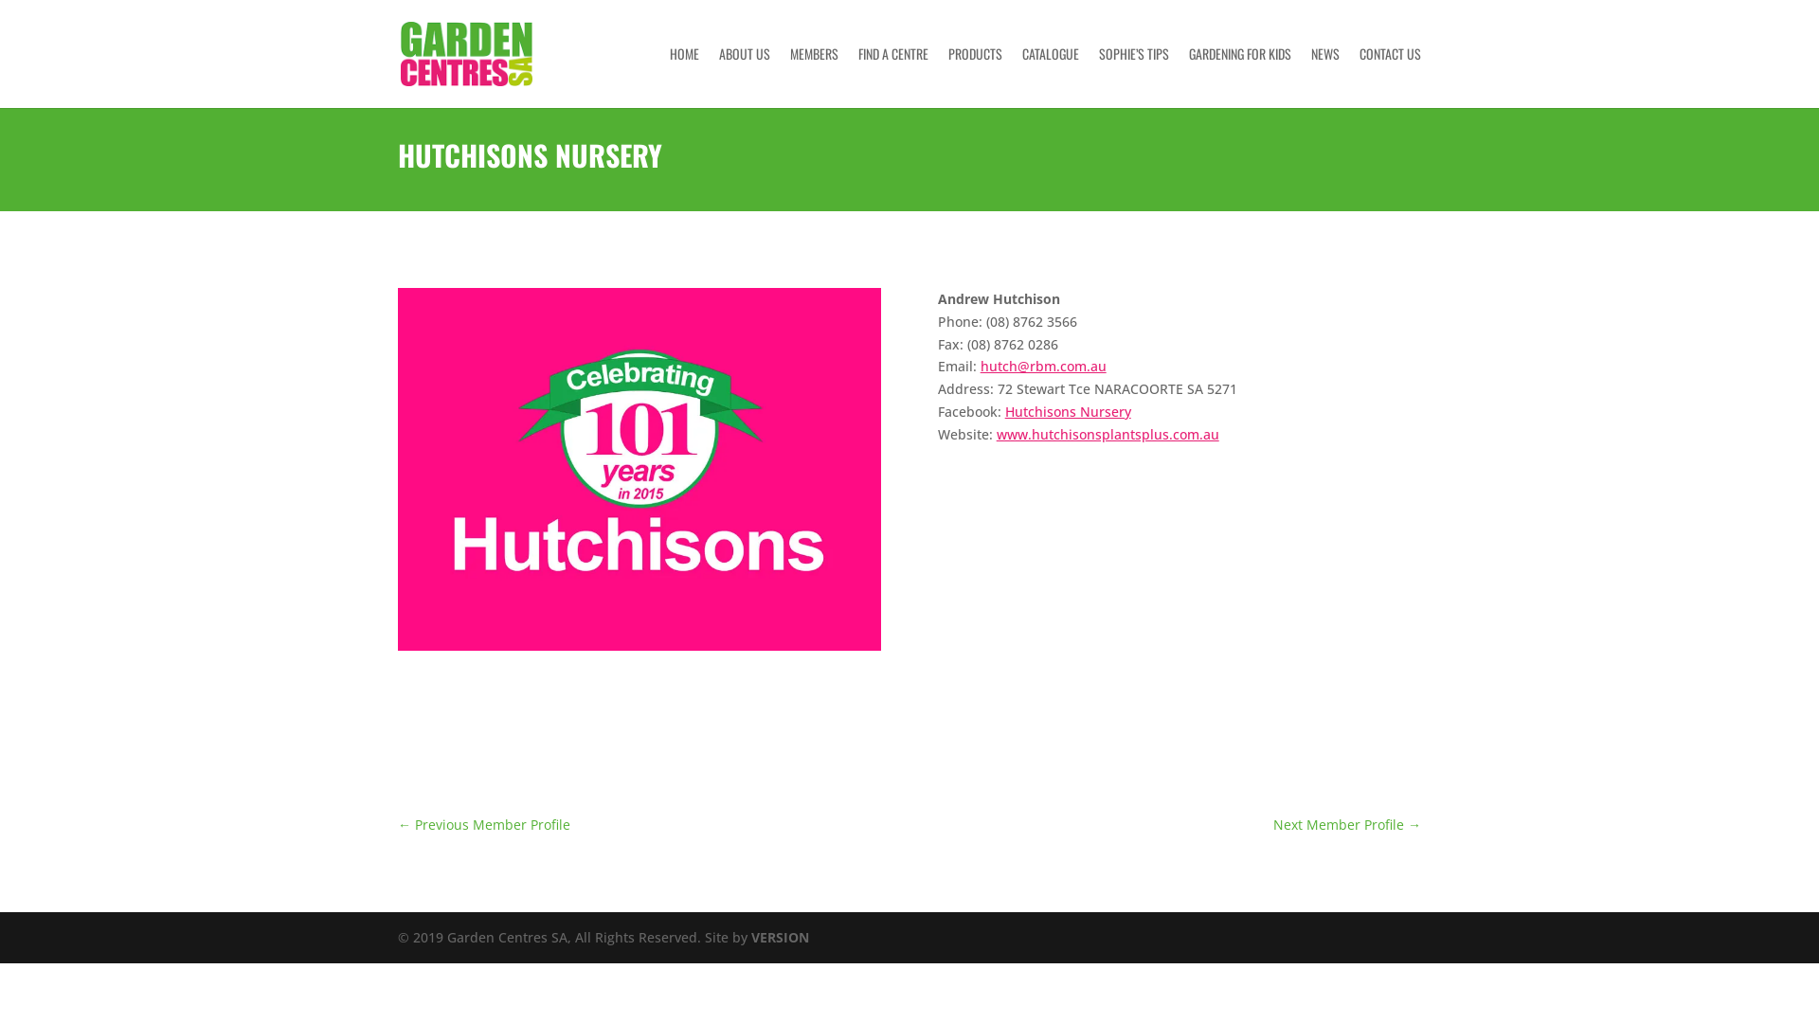 The image size is (1819, 1023). What do you see at coordinates (780, 936) in the screenshot?
I see `'VERSION'` at bounding box center [780, 936].